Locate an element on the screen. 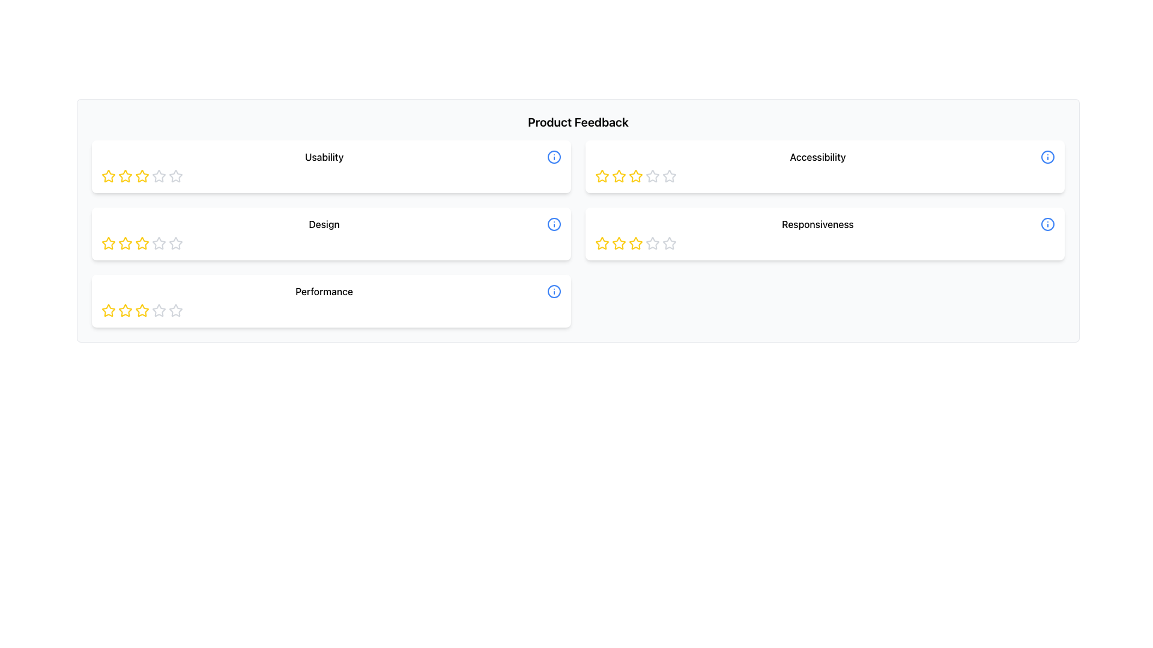  the second star in the row of five within the rating section of the 'Performance' category to set or modify the rating value is located at coordinates (142, 310).